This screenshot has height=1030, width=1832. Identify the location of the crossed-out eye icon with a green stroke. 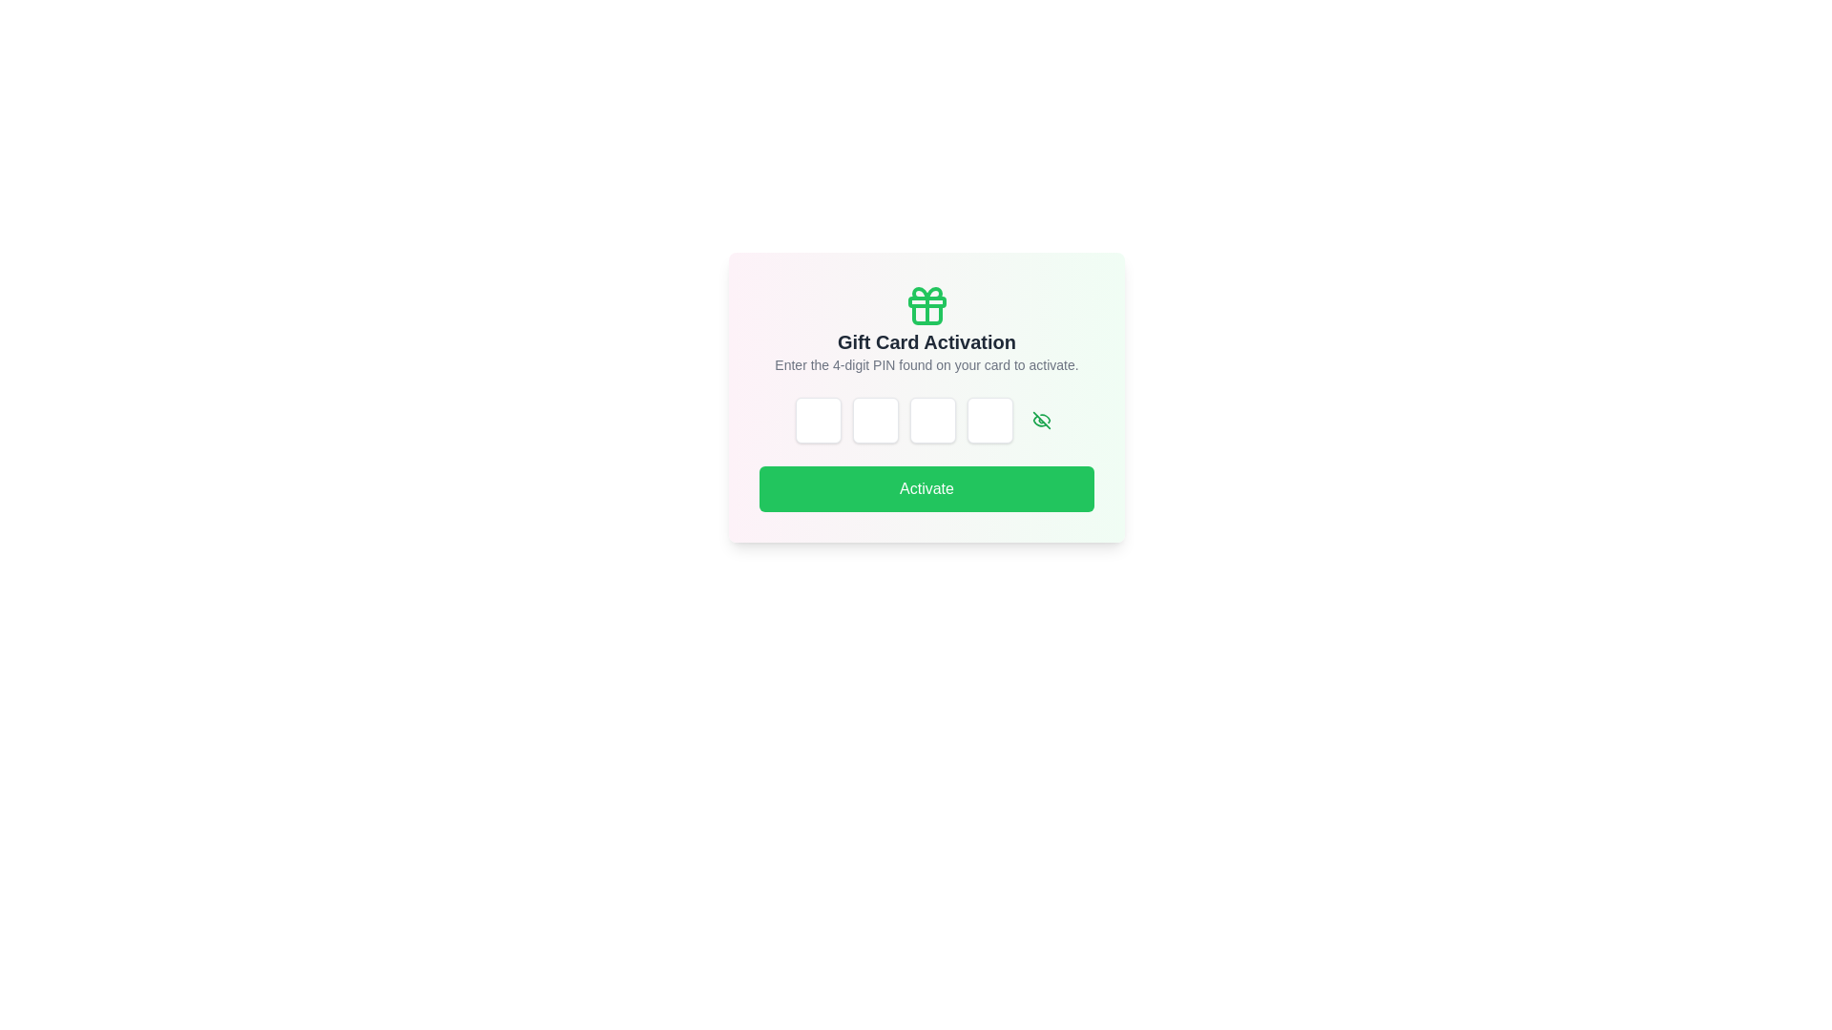
(1040, 419).